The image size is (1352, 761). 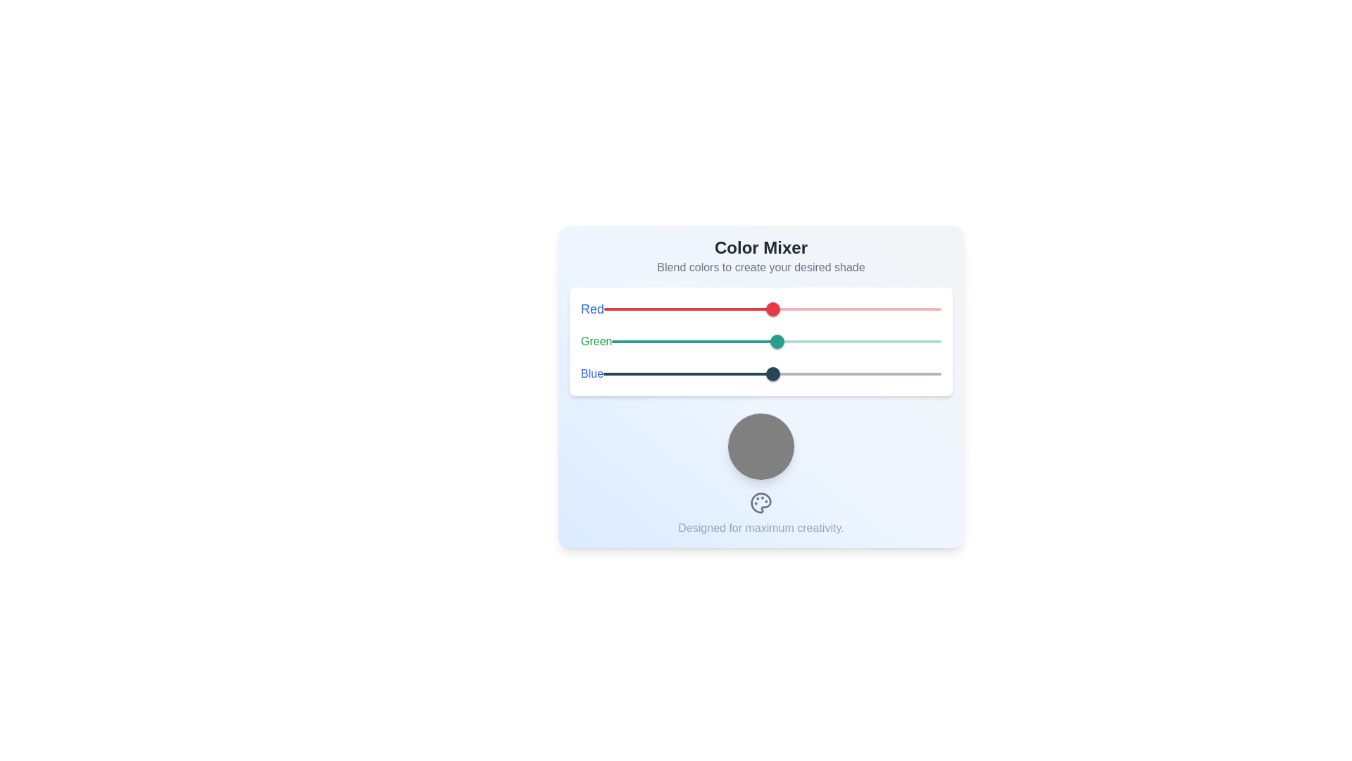 I want to click on the graphical representation circle located below the RGB sliders, so click(x=760, y=446).